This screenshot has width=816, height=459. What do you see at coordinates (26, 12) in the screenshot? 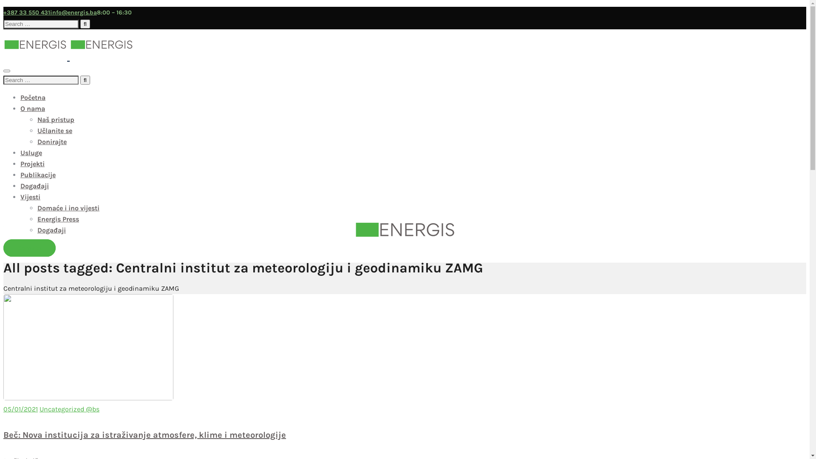
I see `'+387 33 550 431'` at bounding box center [26, 12].